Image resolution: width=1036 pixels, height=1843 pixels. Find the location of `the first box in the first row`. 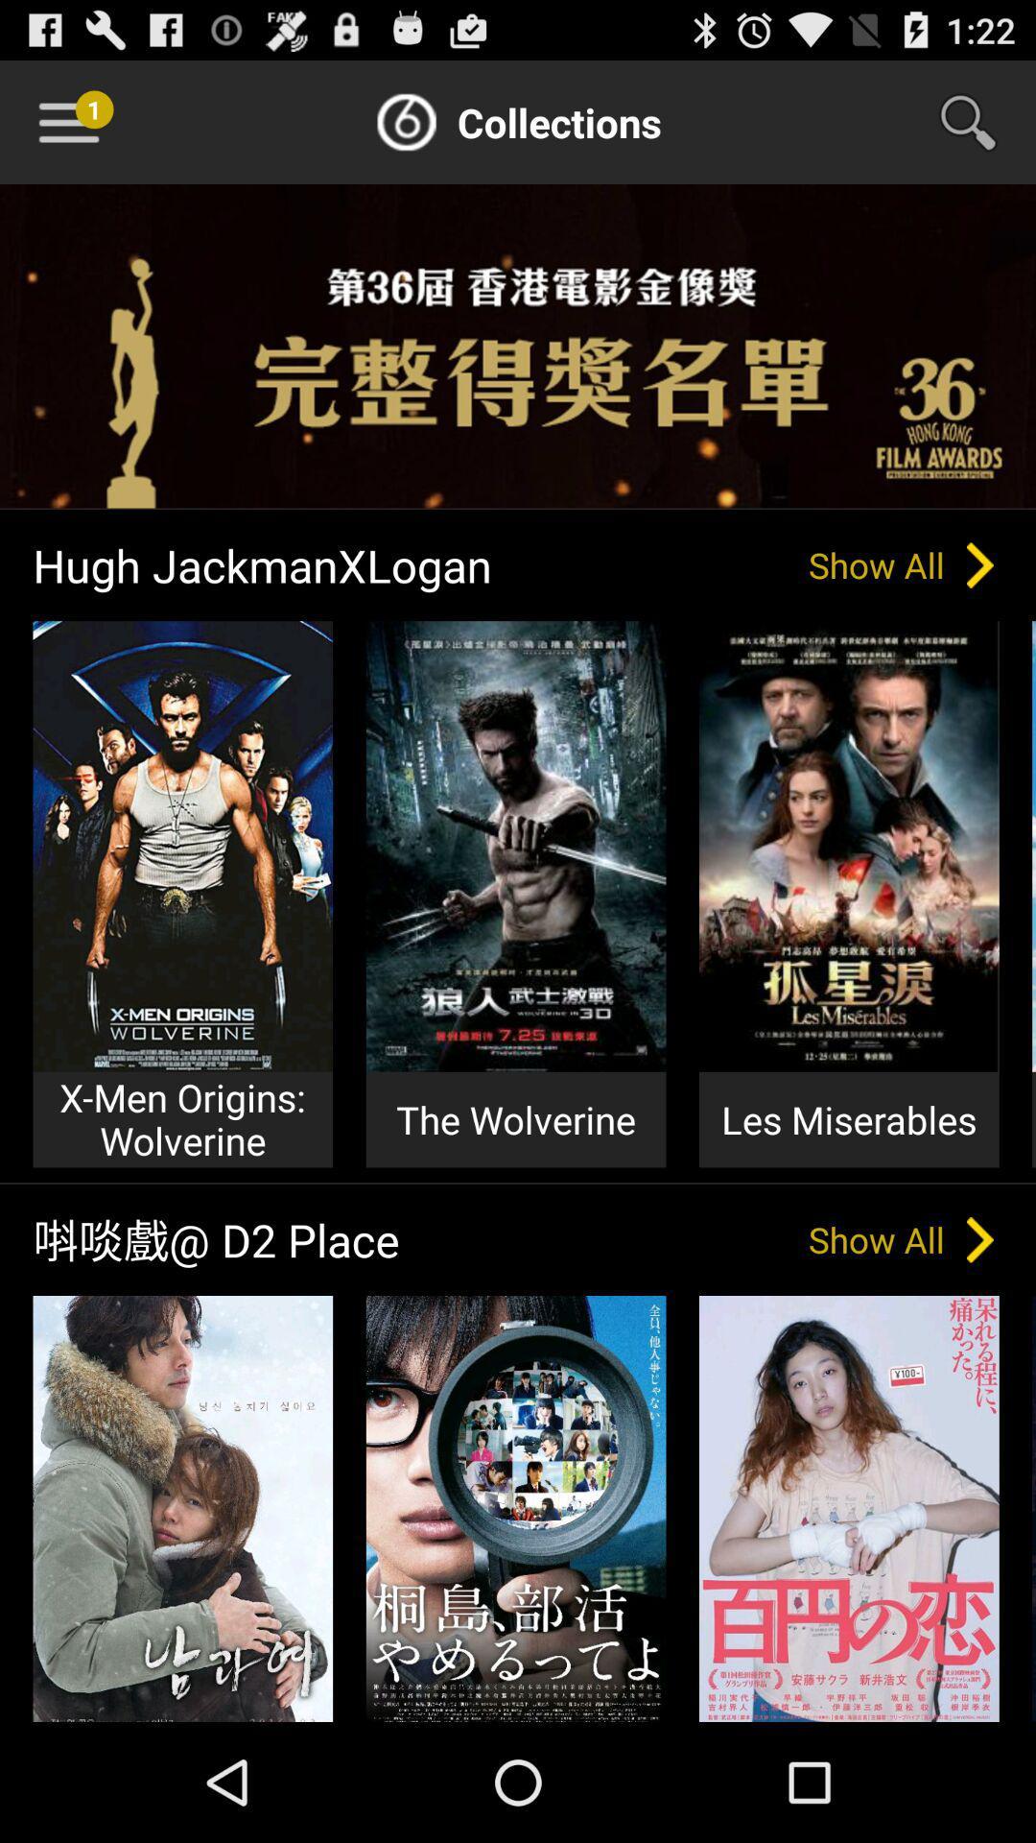

the first box in the first row is located at coordinates (183, 846).